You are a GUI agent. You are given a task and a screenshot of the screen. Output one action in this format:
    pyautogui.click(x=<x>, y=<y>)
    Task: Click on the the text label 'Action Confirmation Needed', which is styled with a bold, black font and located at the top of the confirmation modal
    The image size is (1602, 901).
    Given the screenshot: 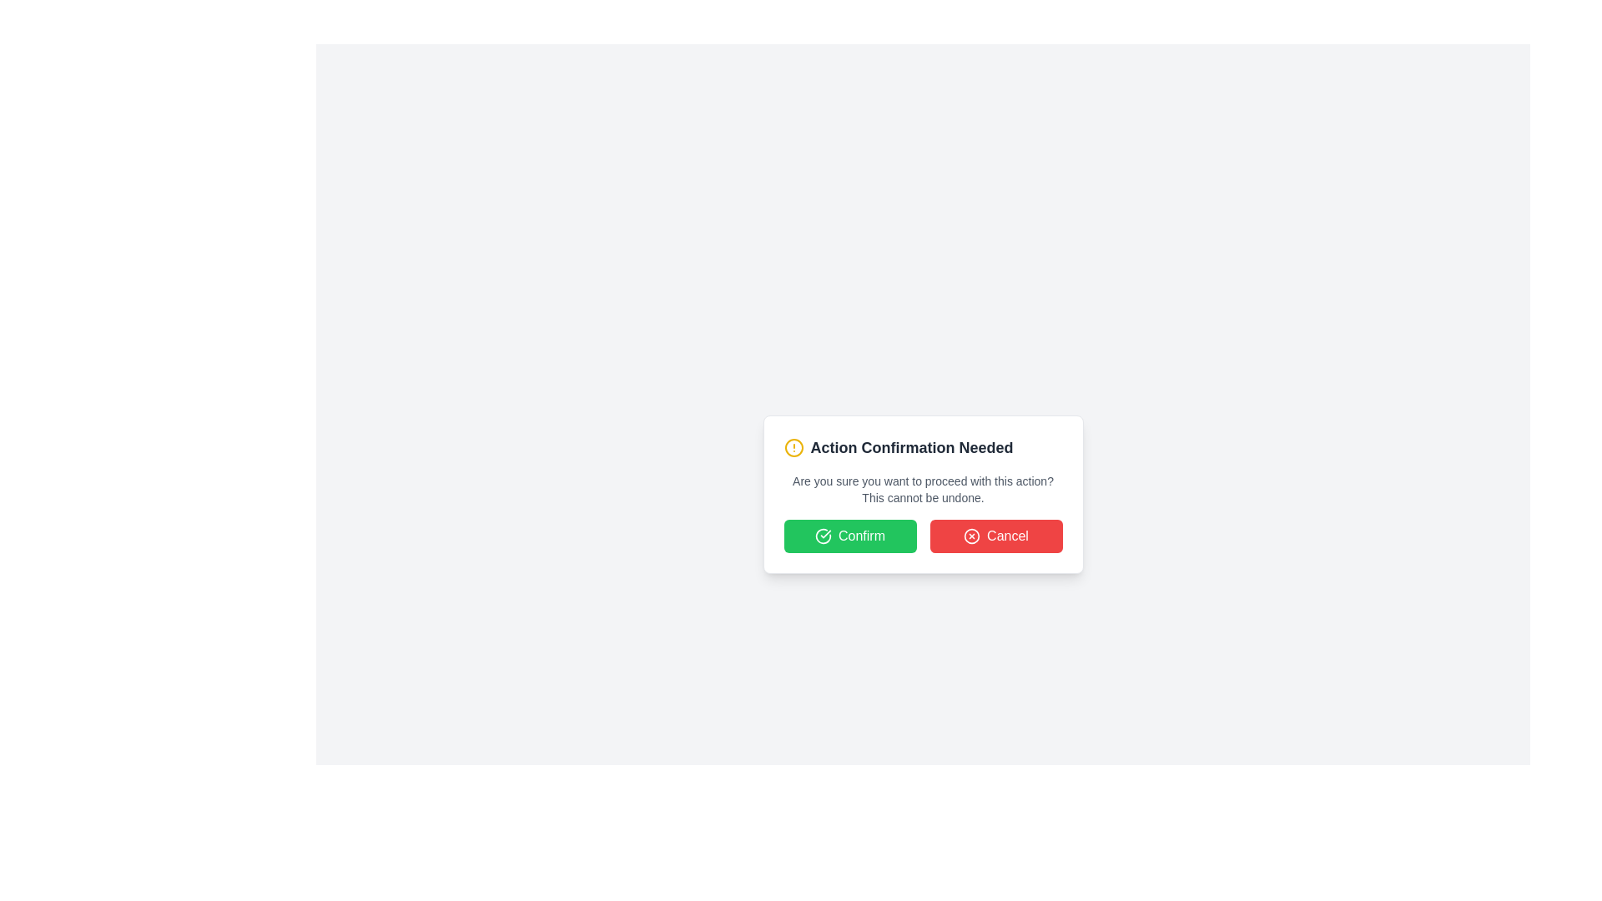 What is the action you would take?
    pyautogui.click(x=922, y=446)
    